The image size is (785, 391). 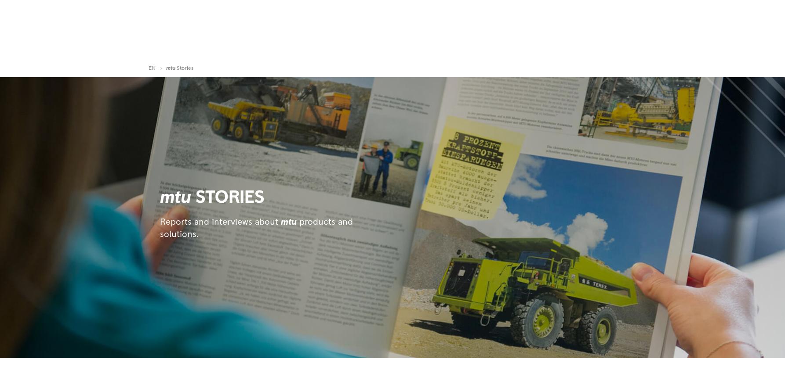 I want to click on 'Governmental', so click(x=513, y=48).